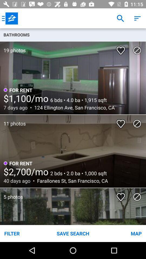  Describe the element at coordinates (11, 194) in the screenshot. I see `icon above filter icon` at that location.